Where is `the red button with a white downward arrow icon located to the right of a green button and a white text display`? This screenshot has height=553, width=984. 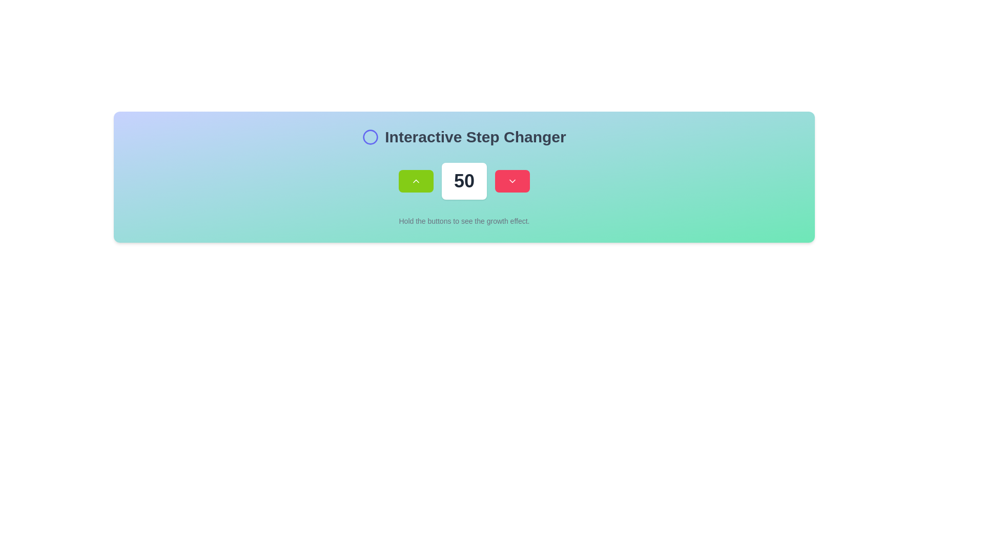 the red button with a white downward arrow icon located to the right of a green button and a white text display is located at coordinates (512, 181).